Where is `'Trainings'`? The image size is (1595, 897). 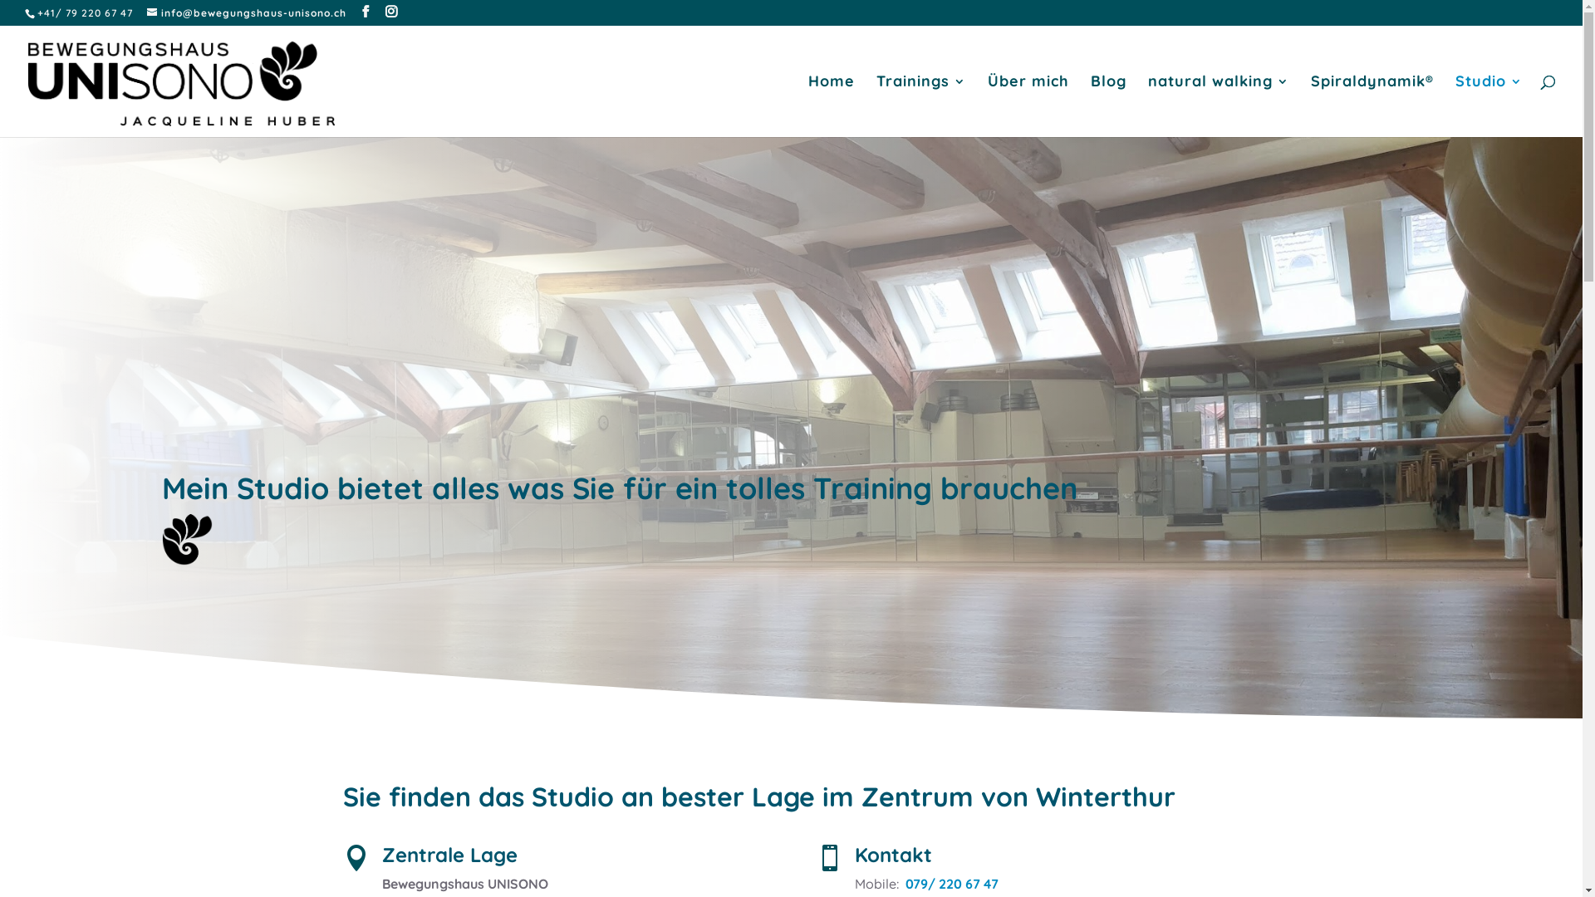 'Trainings' is located at coordinates (876, 105).